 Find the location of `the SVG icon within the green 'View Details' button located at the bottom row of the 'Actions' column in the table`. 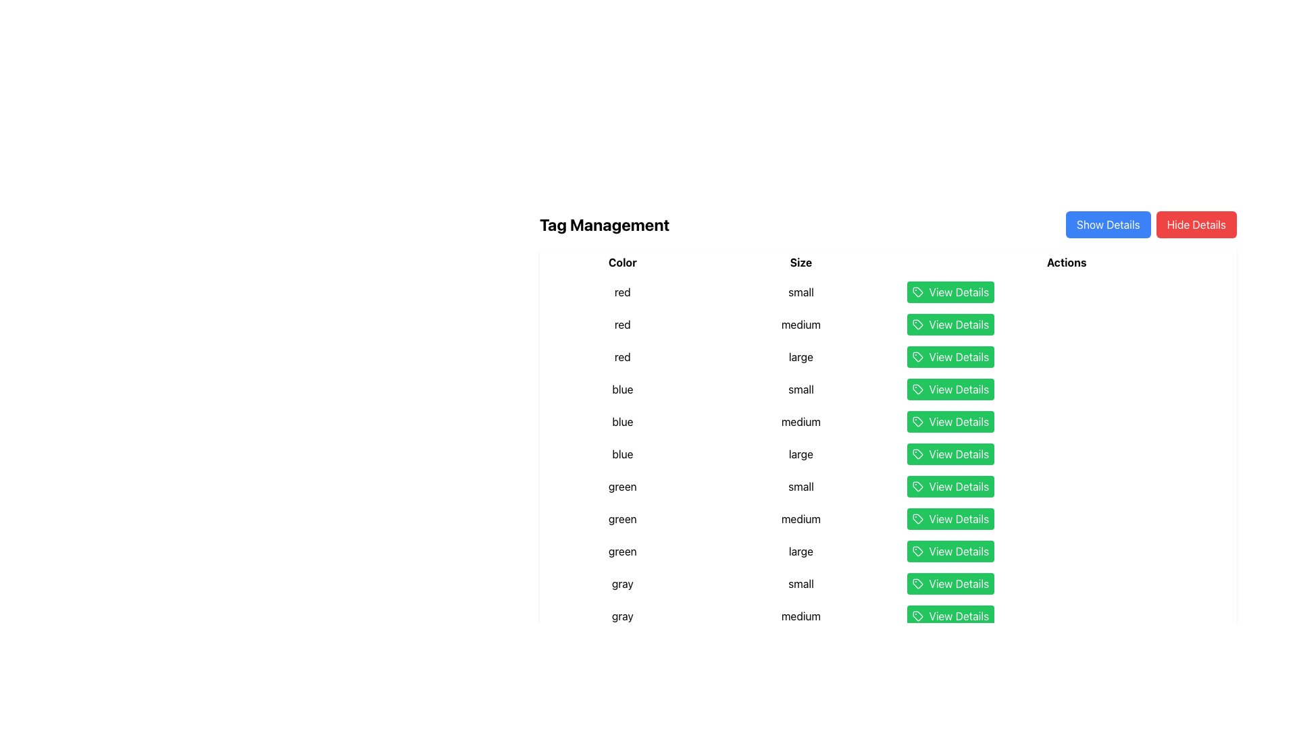

the SVG icon within the green 'View Details' button located at the bottom row of the 'Actions' column in the table is located at coordinates (918, 616).